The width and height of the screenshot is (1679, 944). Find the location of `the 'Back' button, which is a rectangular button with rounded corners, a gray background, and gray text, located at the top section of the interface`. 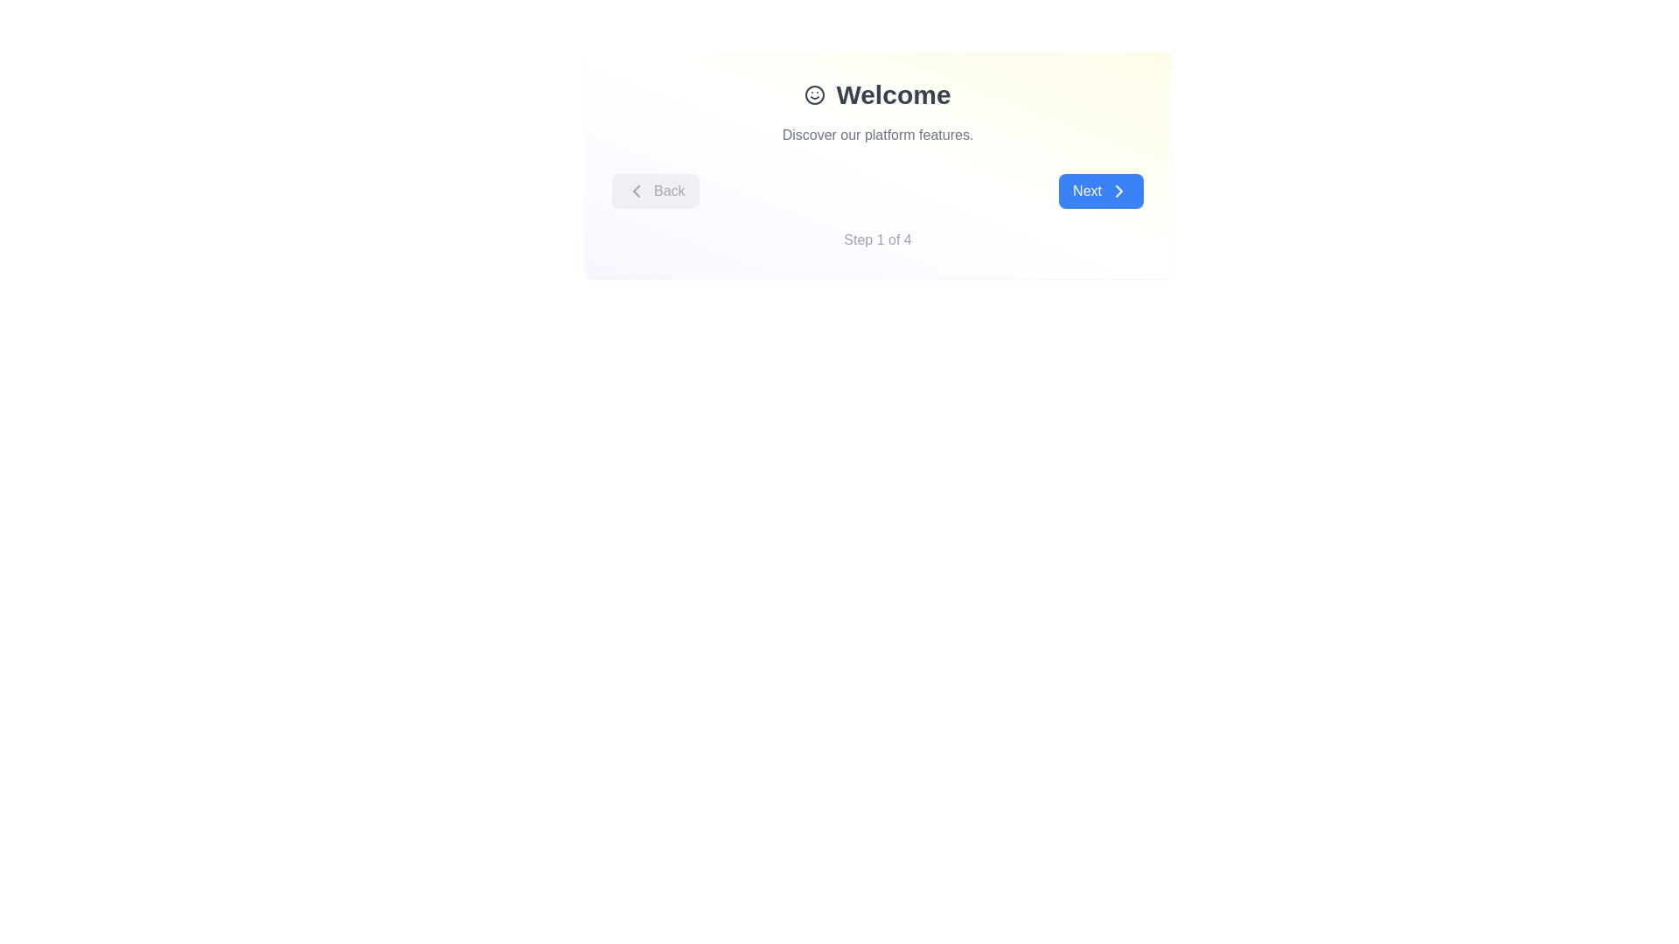

the 'Back' button, which is a rectangular button with rounded corners, a gray background, and gray text, located at the top section of the interface is located at coordinates (654, 191).